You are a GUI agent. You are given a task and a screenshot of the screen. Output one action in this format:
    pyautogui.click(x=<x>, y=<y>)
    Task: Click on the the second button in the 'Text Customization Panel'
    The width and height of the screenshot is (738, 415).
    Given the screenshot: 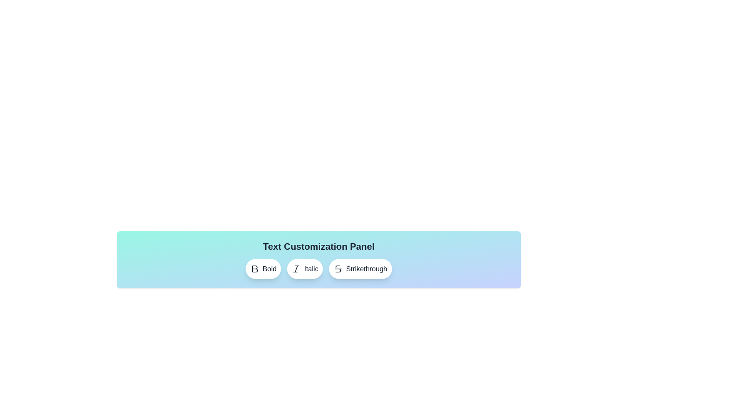 What is the action you would take?
    pyautogui.click(x=304, y=268)
    